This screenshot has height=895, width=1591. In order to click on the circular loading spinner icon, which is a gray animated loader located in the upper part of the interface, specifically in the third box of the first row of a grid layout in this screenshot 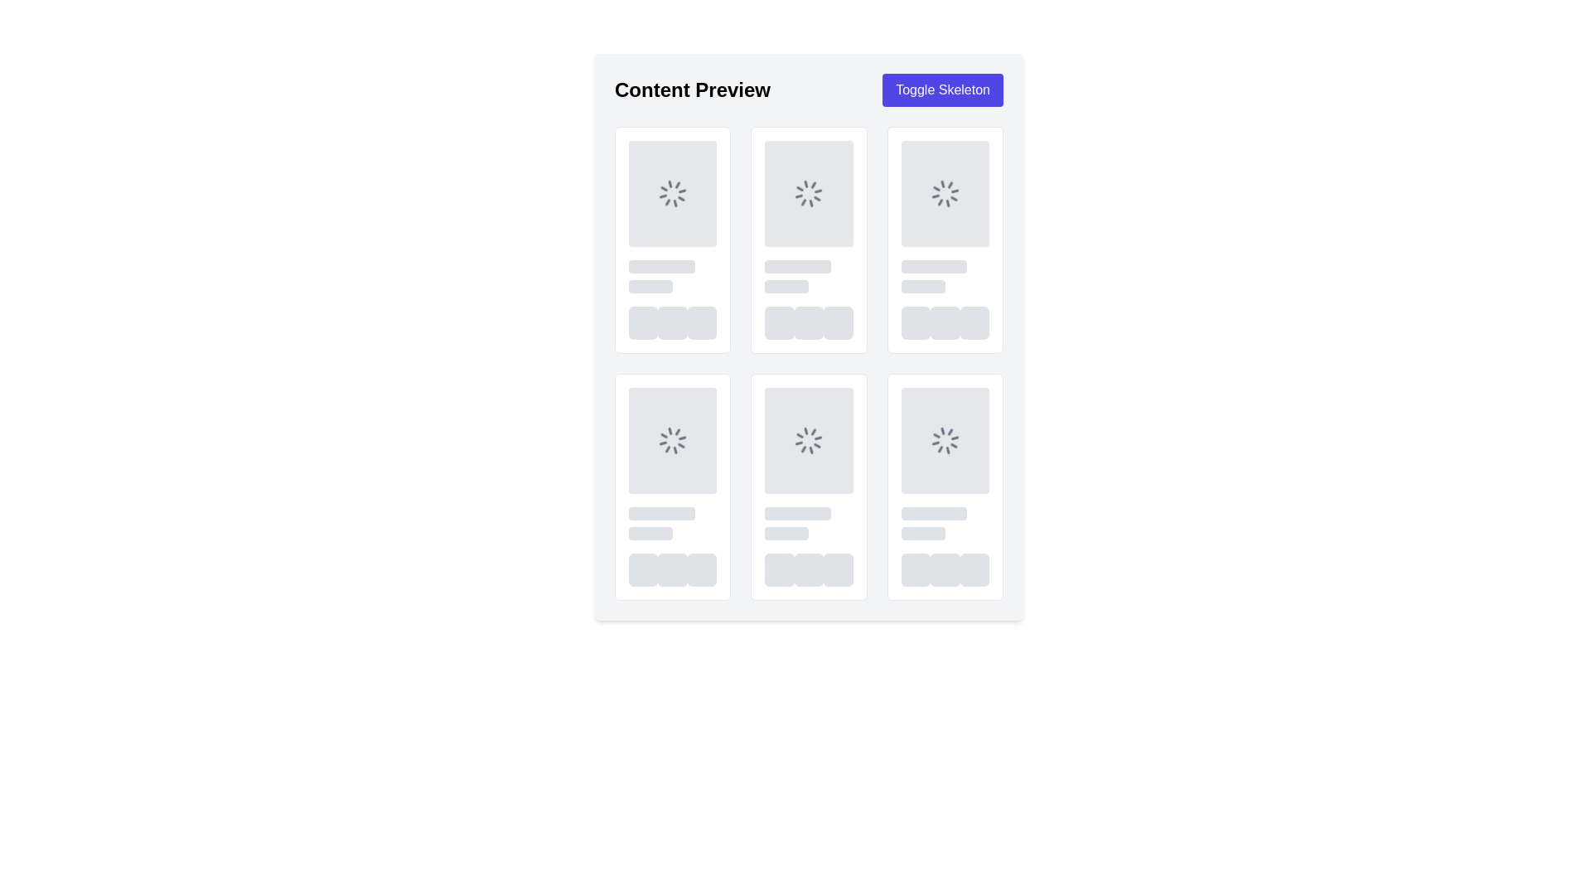, I will do `click(945, 193)`.